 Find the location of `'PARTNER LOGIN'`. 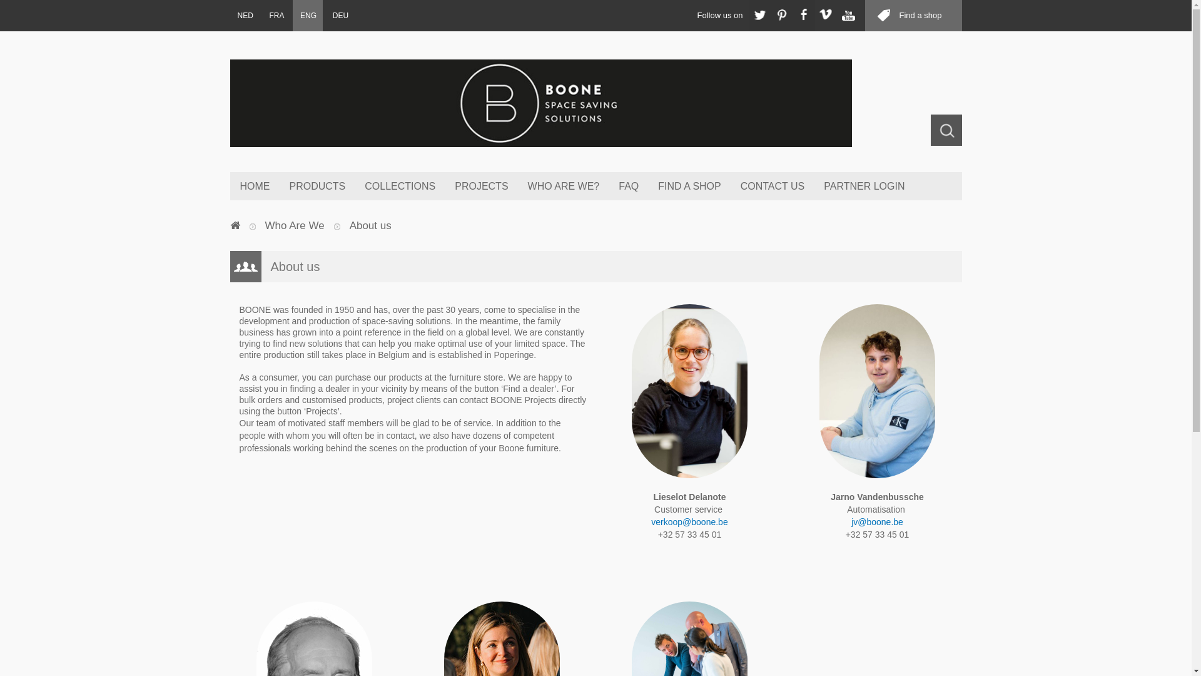

'PARTNER LOGIN' is located at coordinates (813, 186).